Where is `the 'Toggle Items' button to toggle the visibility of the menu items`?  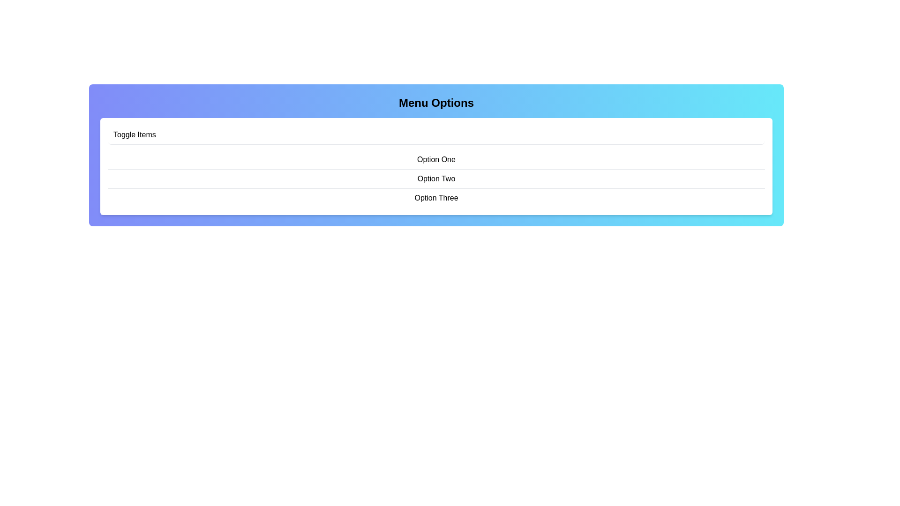
the 'Toggle Items' button to toggle the visibility of the menu items is located at coordinates (436, 135).